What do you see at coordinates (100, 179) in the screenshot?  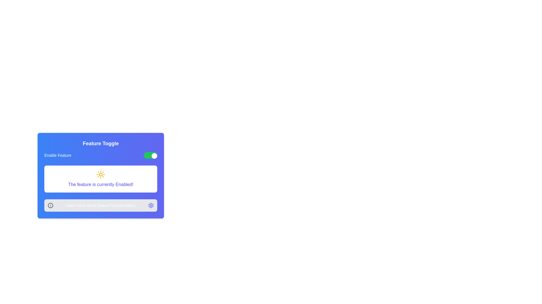 I see `the static information panel displaying the current status message indicating the feature is enabled, located centrally below the 'Enable Feature' toggle button in the 'Feature Toggle' section` at bounding box center [100, 179].